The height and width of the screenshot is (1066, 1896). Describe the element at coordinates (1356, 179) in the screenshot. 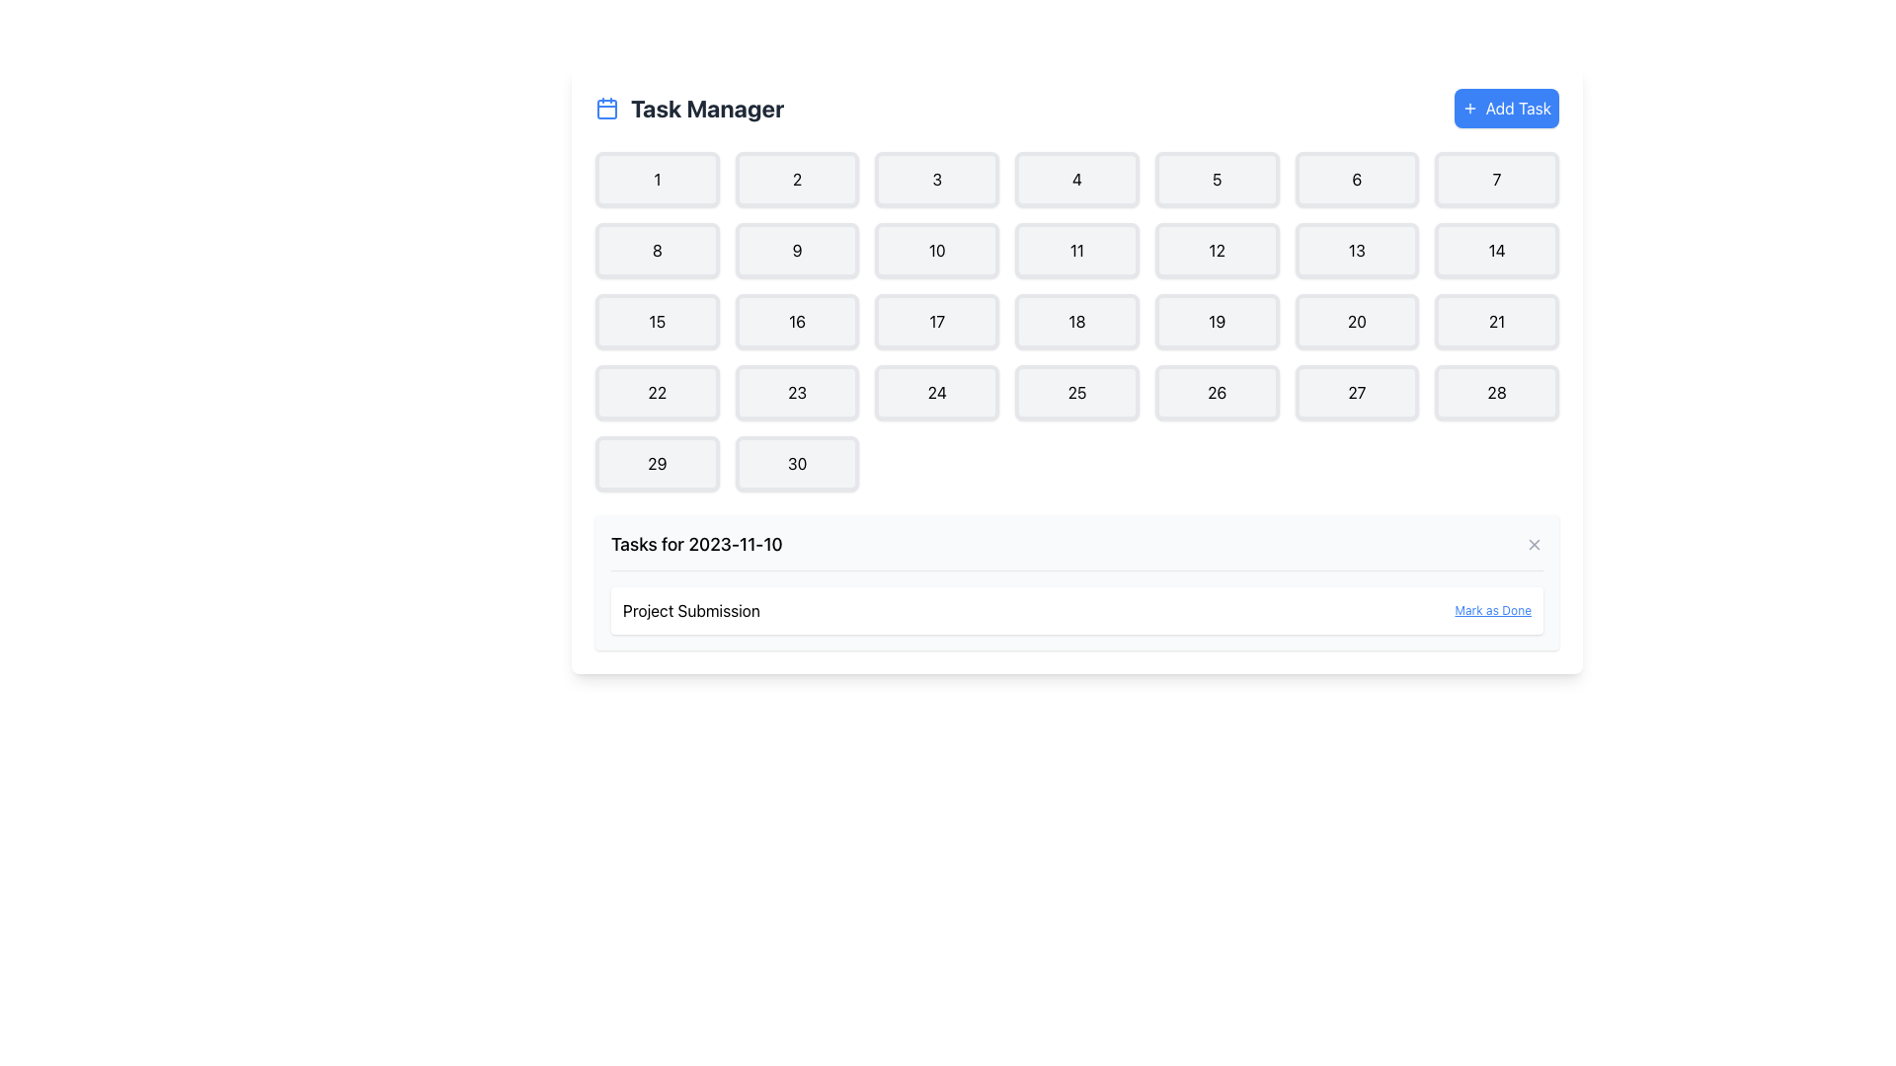

I see `the rounded rectangular button with a light grey background containing the numerical text '6' at its center` at that location.